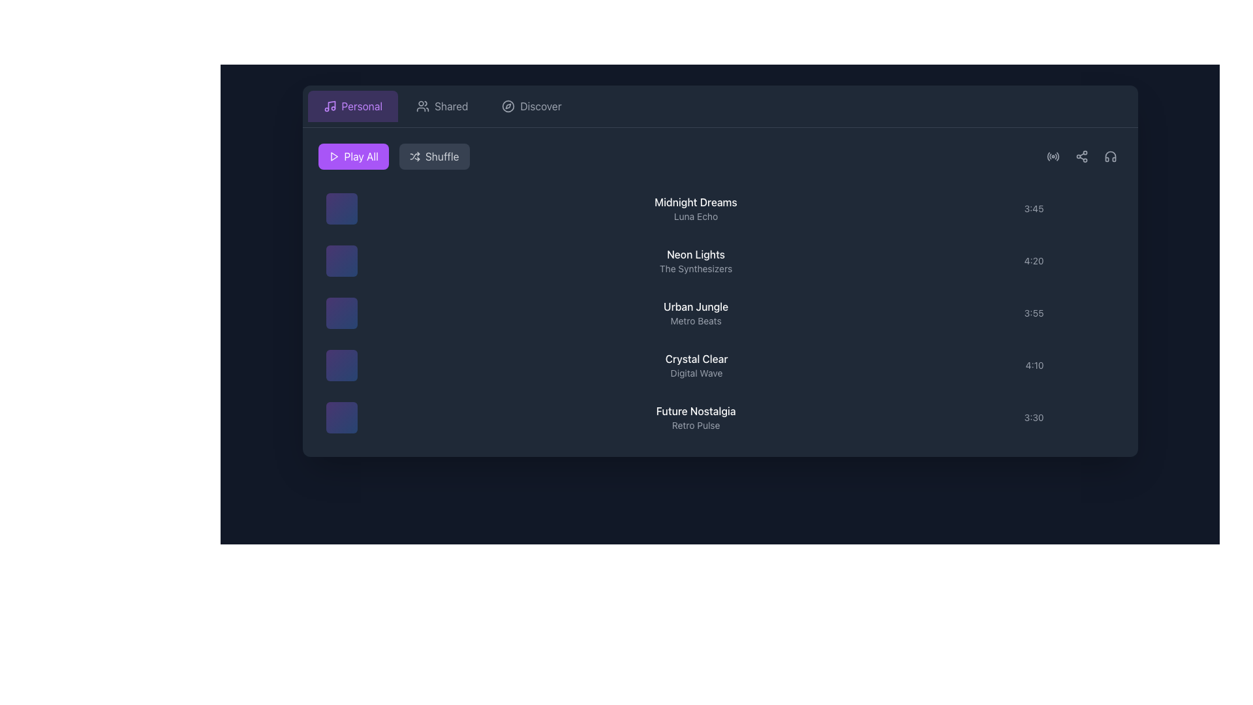 Image resolution: width=1253 pixels, height=705 pixels. What do you see at coordinates (719, 365) in the screenshot?
I see `the fourth item in the music list` at bounding box center [719, 365].